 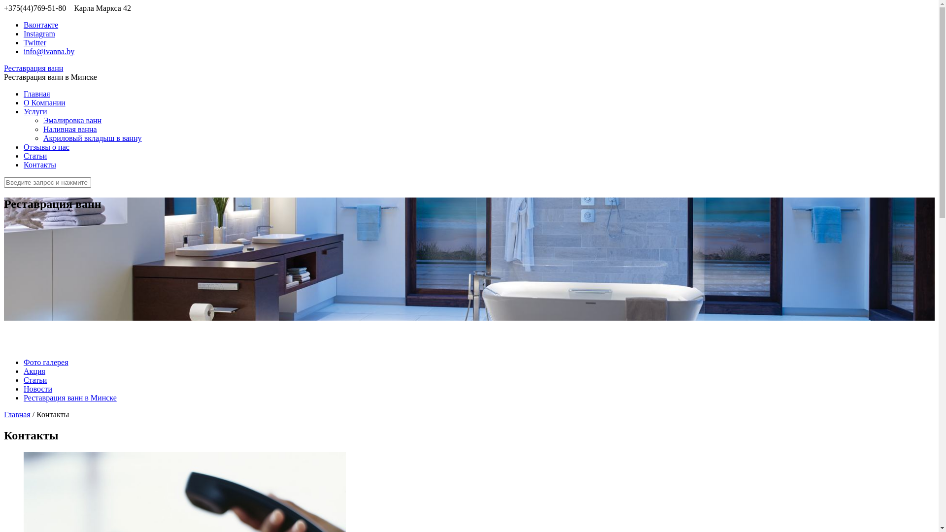 I want to click on 'Instagram', so click(x=39, y=33).